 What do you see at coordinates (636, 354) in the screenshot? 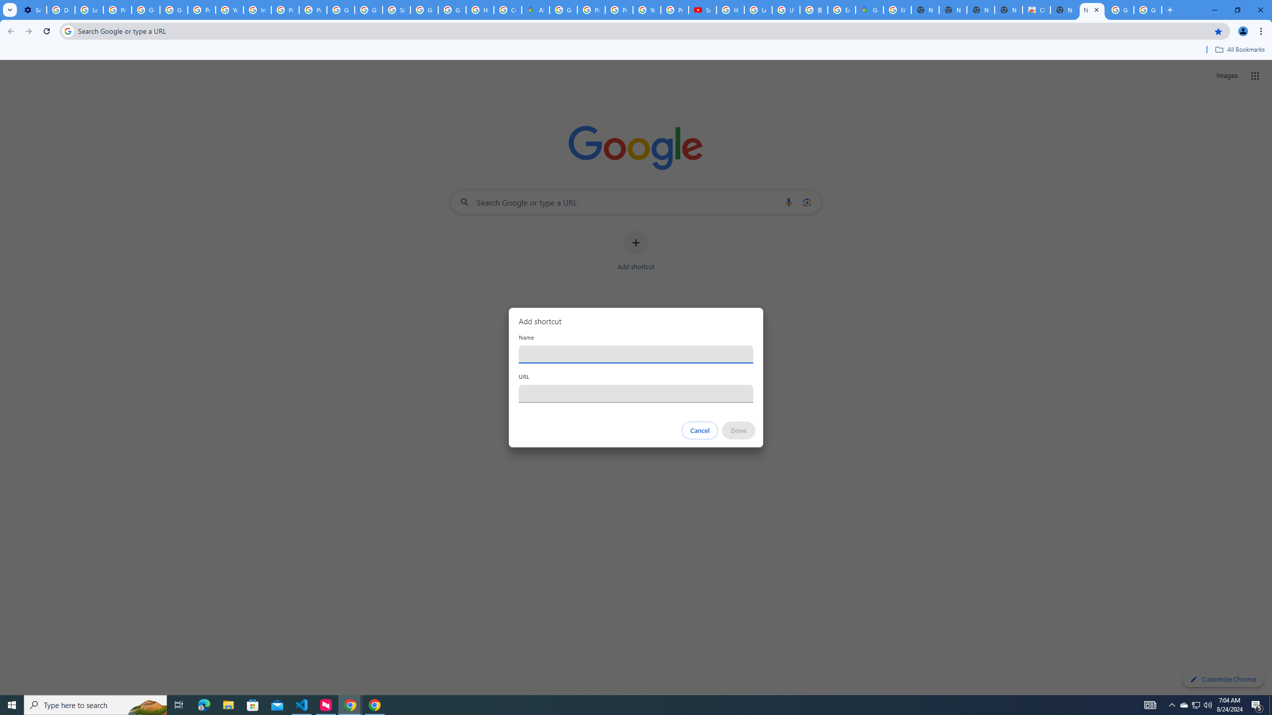
I see `'Name'` at bounding box center [636, 354].